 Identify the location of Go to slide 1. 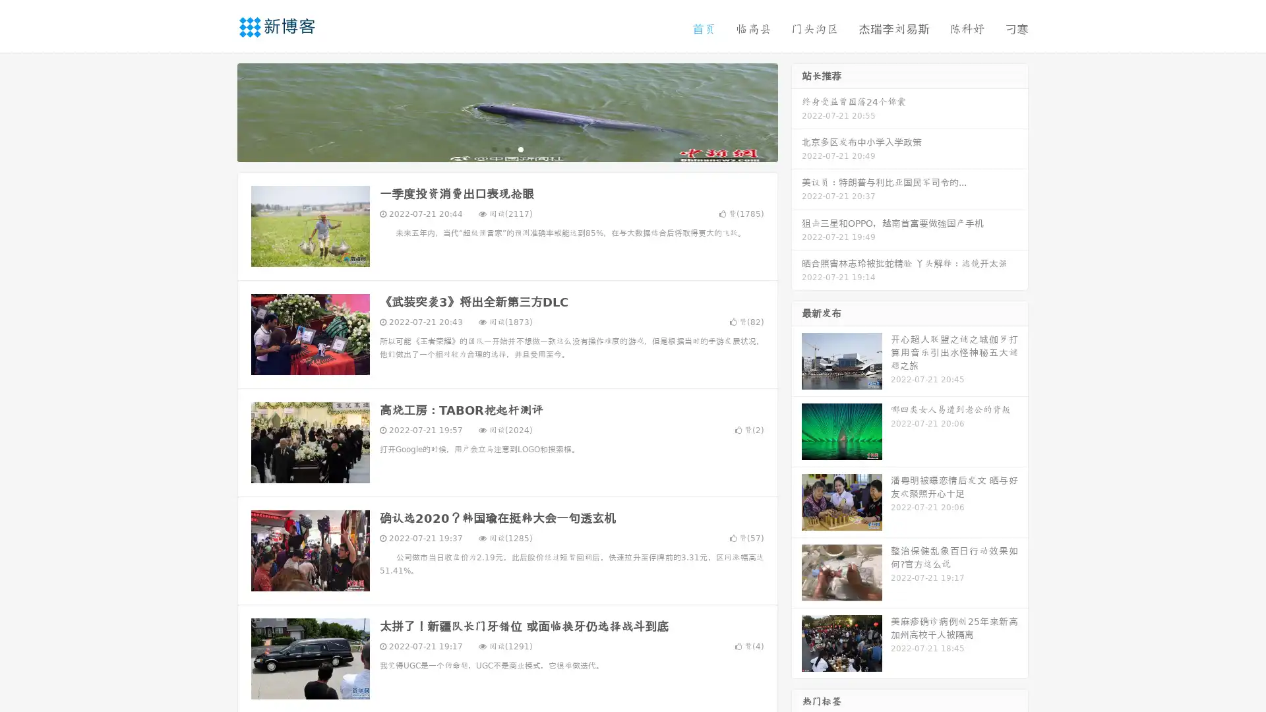
(493, 148).